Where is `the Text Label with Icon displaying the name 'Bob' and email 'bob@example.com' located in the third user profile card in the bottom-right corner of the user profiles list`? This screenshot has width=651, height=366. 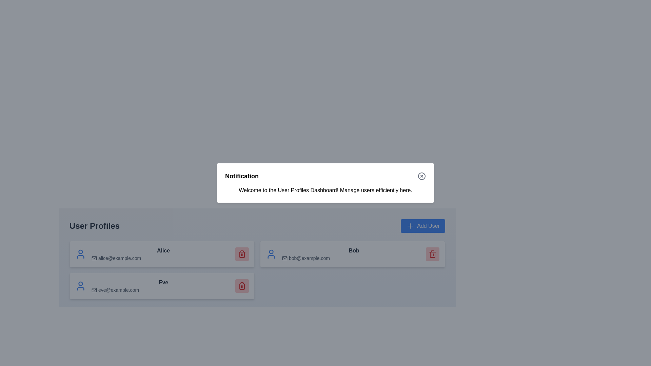 the Text Label with Icon displaying the name 'Bob' and email 'bob@example.com' located in the third user profile card in the bottom-right corner of the user profiles list is located at coordinates (353, 254).